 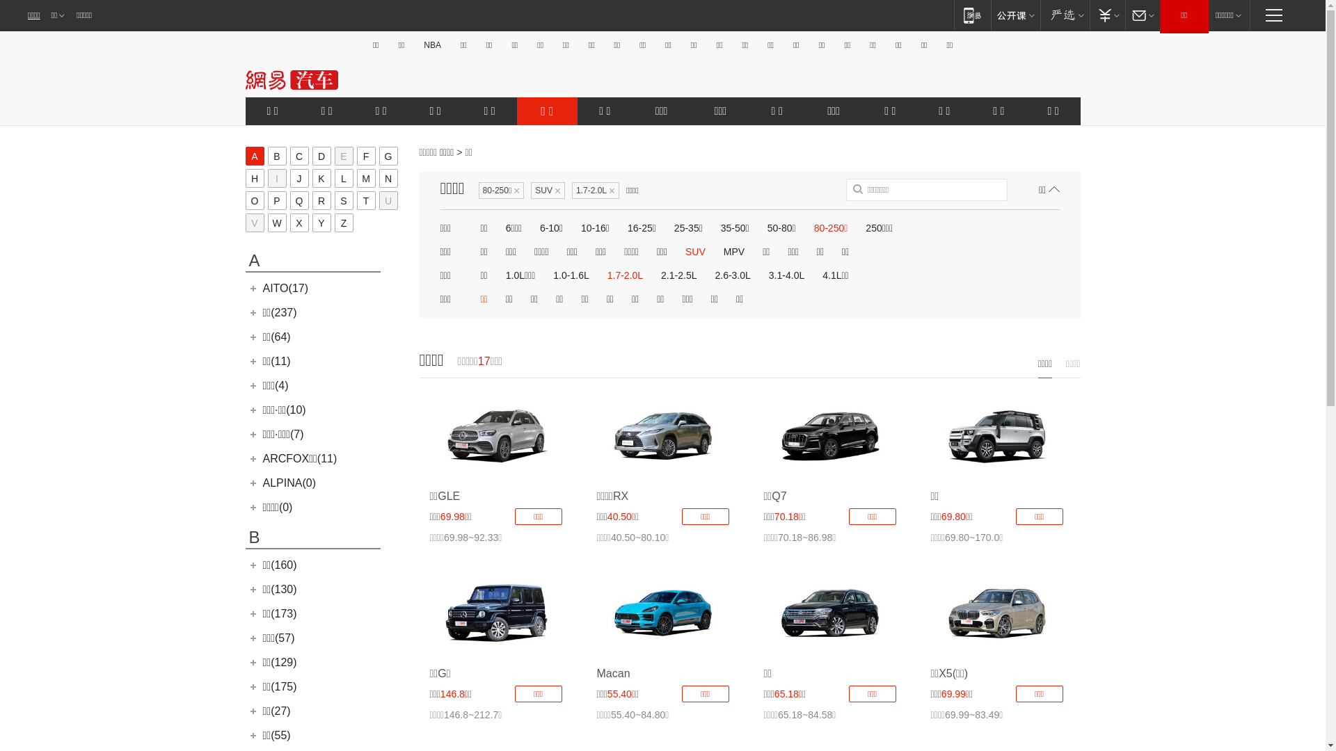 I want to click on 'SUV', so click(x=695, y=252).